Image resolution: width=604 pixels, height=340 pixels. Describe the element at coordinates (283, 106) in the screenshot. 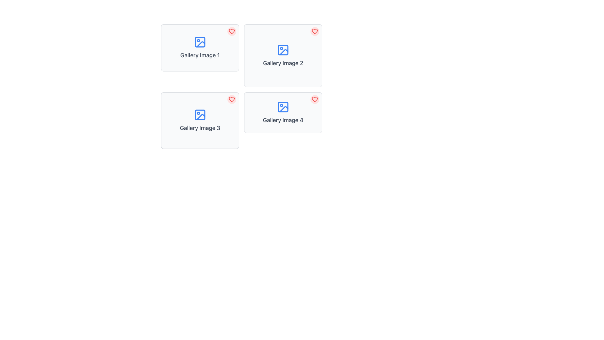

I see `the blue icon resembling a simplistic image depiction located within the graphical list item labeled 'Gallery Image 4'` at that location.